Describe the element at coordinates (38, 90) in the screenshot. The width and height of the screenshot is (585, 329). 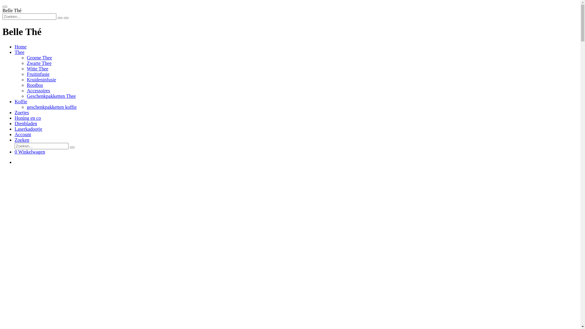
I see `'Accessoires'` at that location.